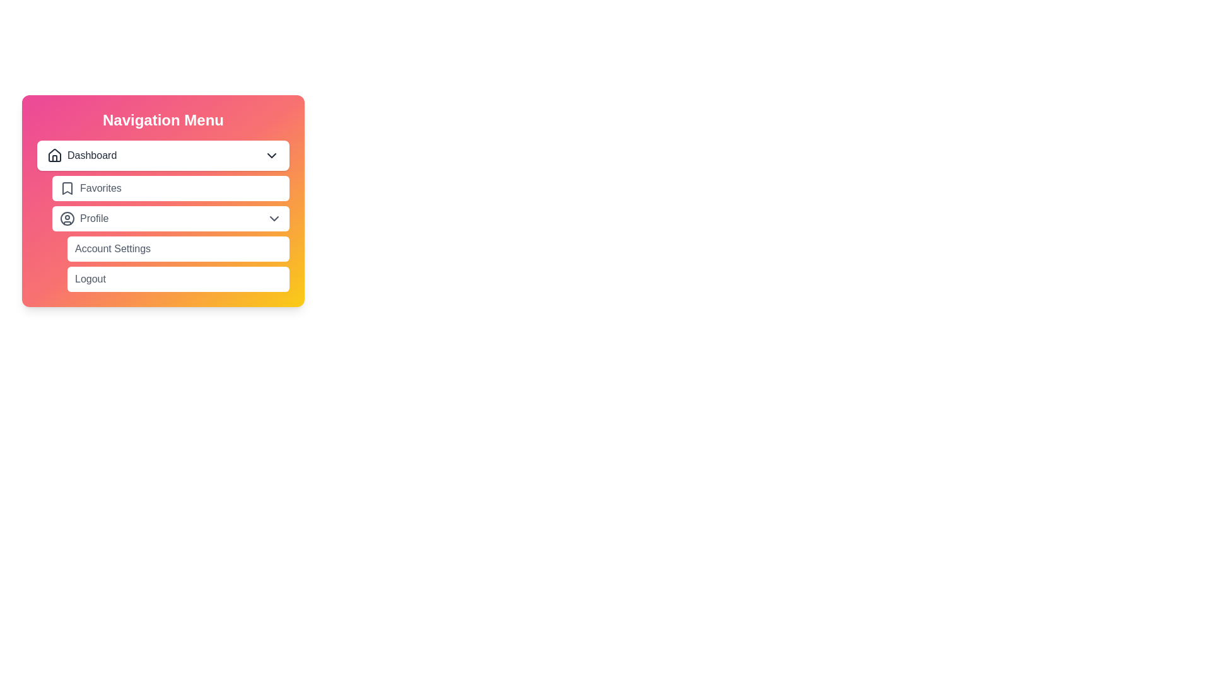 Image resolution: width=1211 pixels, height=681 pixels. Describe the element at coordinates (170, 218) in the screenshot. I see `the 'Profile' button located in the middle of the menu` at that location.